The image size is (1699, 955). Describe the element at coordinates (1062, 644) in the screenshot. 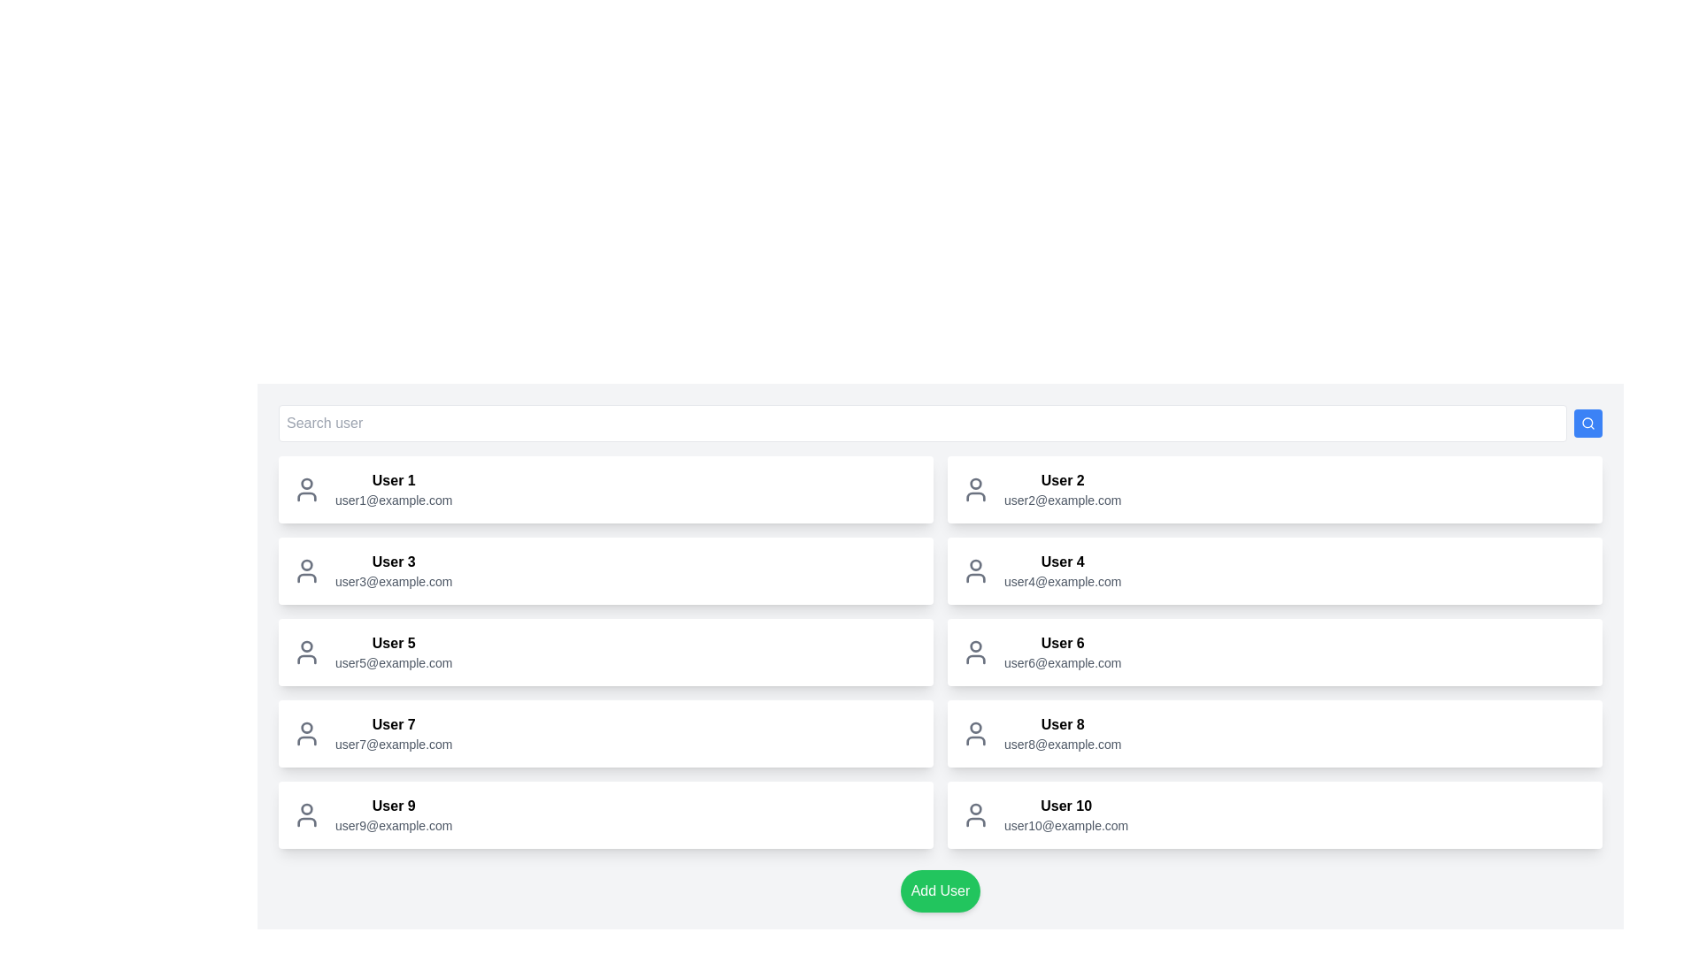

I see `the bold username 'User 6' in the right column of the user list` at that location.